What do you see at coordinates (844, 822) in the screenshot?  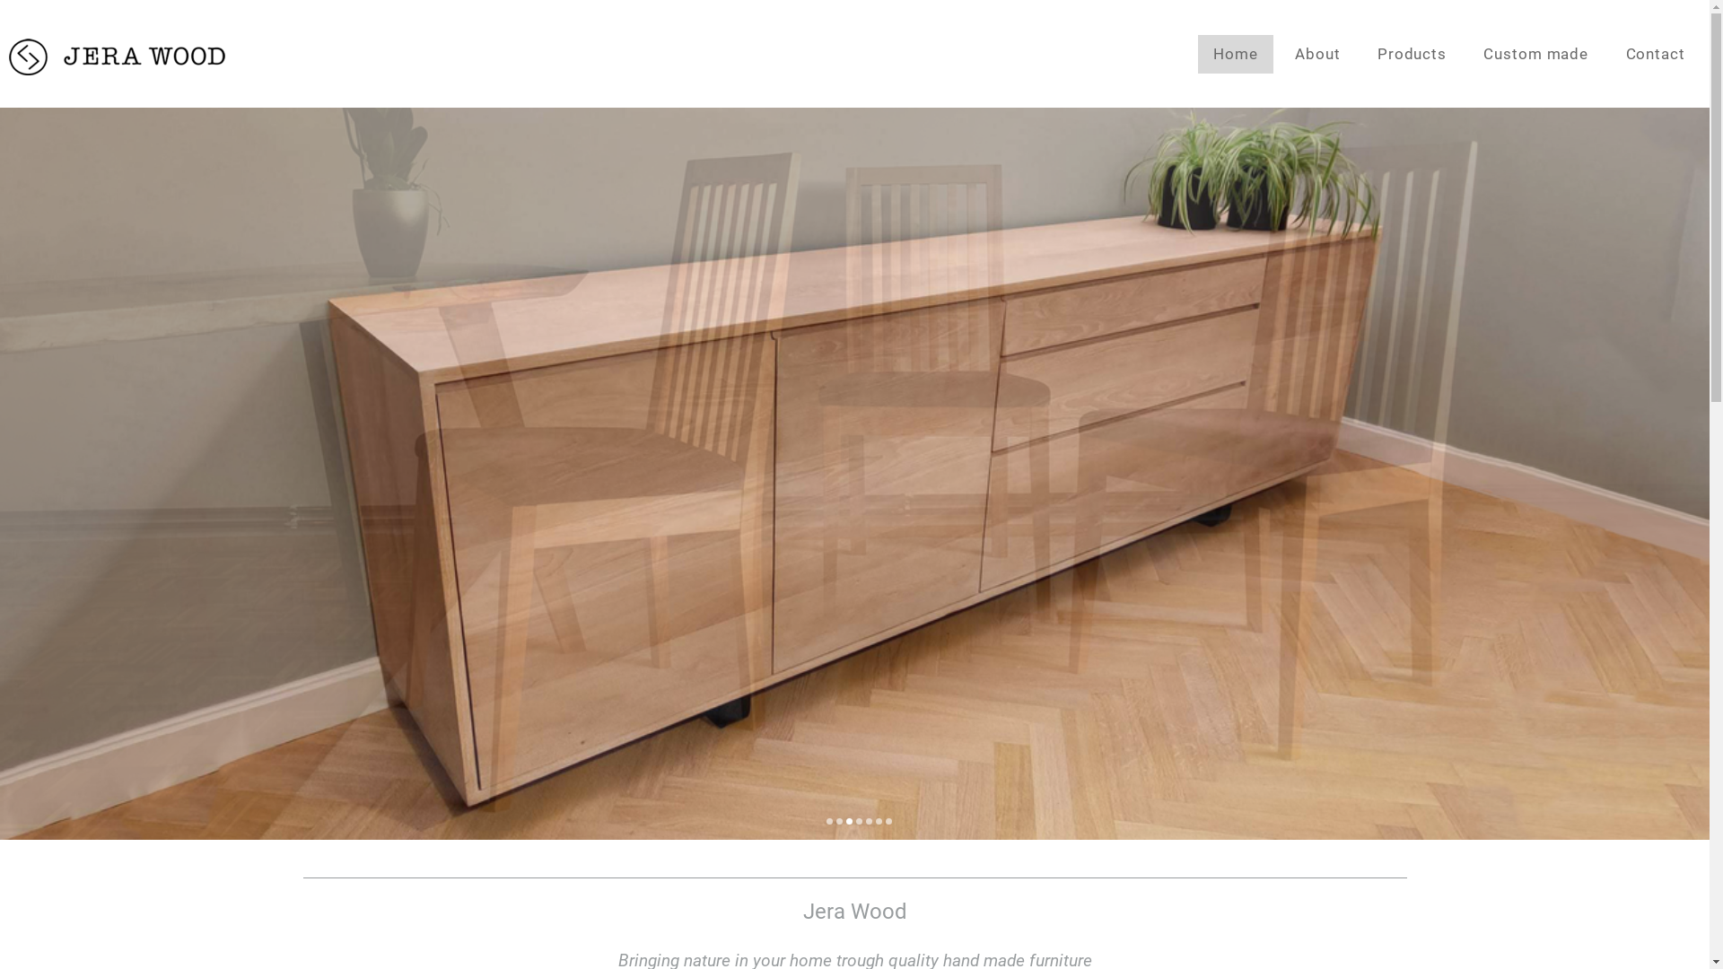 I see `'3'` at bounding box center [844, 822].